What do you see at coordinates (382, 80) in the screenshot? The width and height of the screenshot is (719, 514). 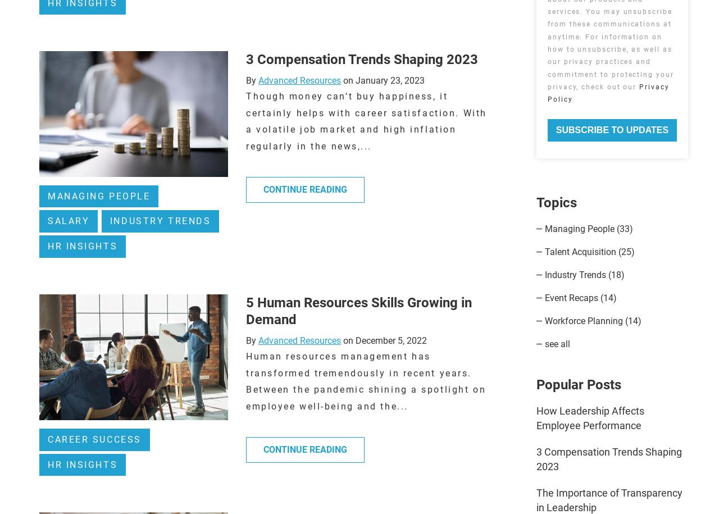 I see `'on   January 23, 2023'` at bounding box center [382, 80].